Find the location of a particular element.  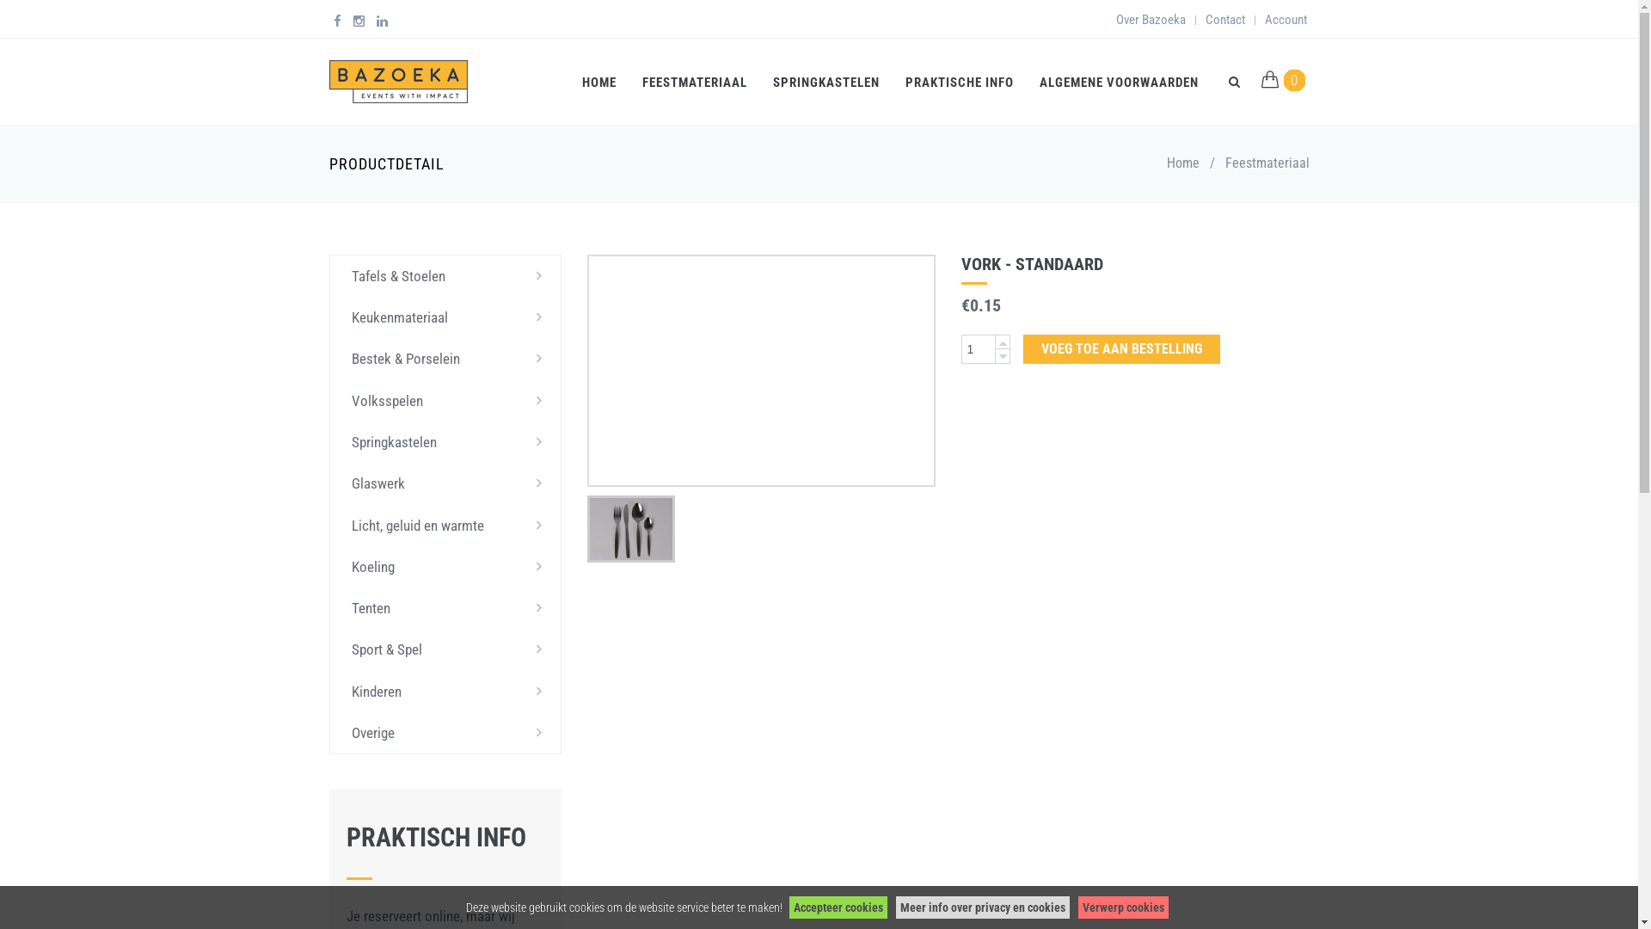

'Home' is located at coordinates (1166, 163).